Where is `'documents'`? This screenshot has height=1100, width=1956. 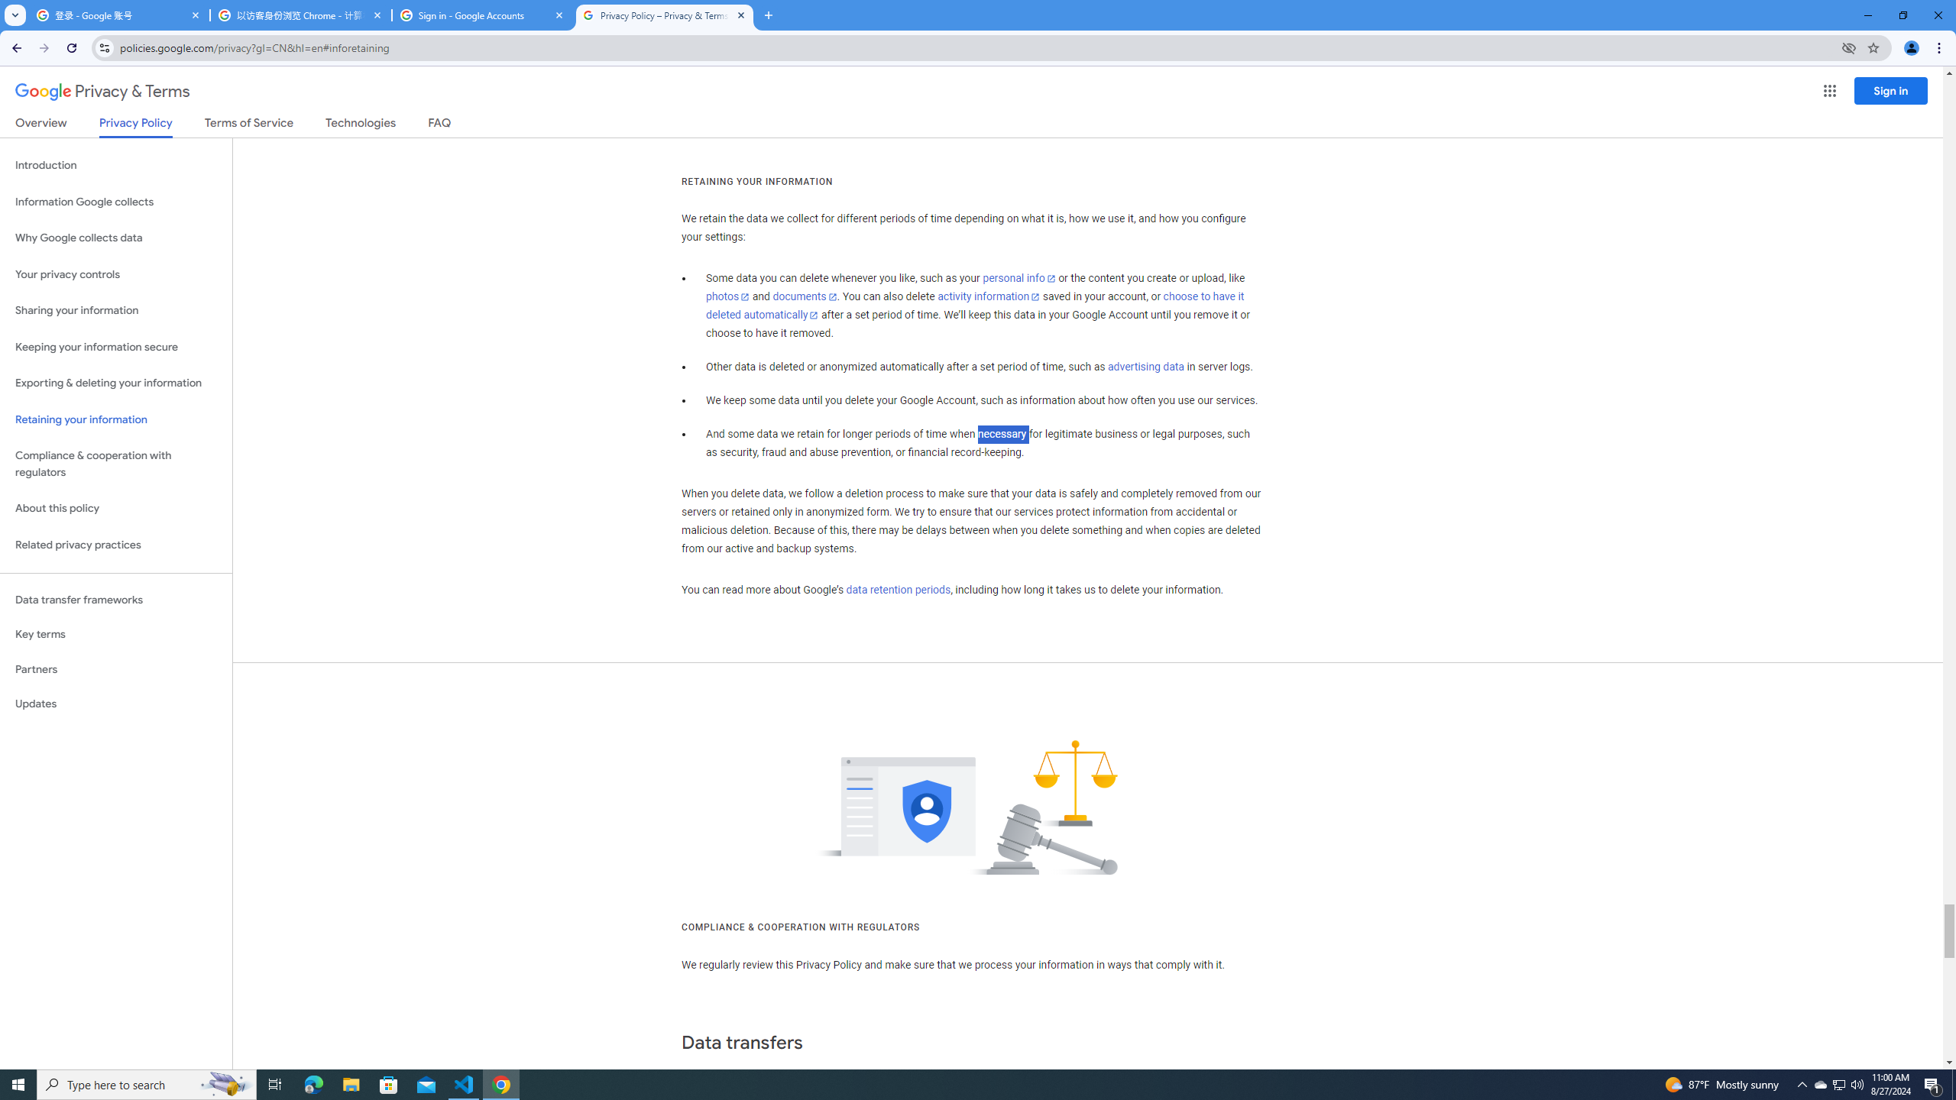 'documents' is located at coordinates (804, 296).